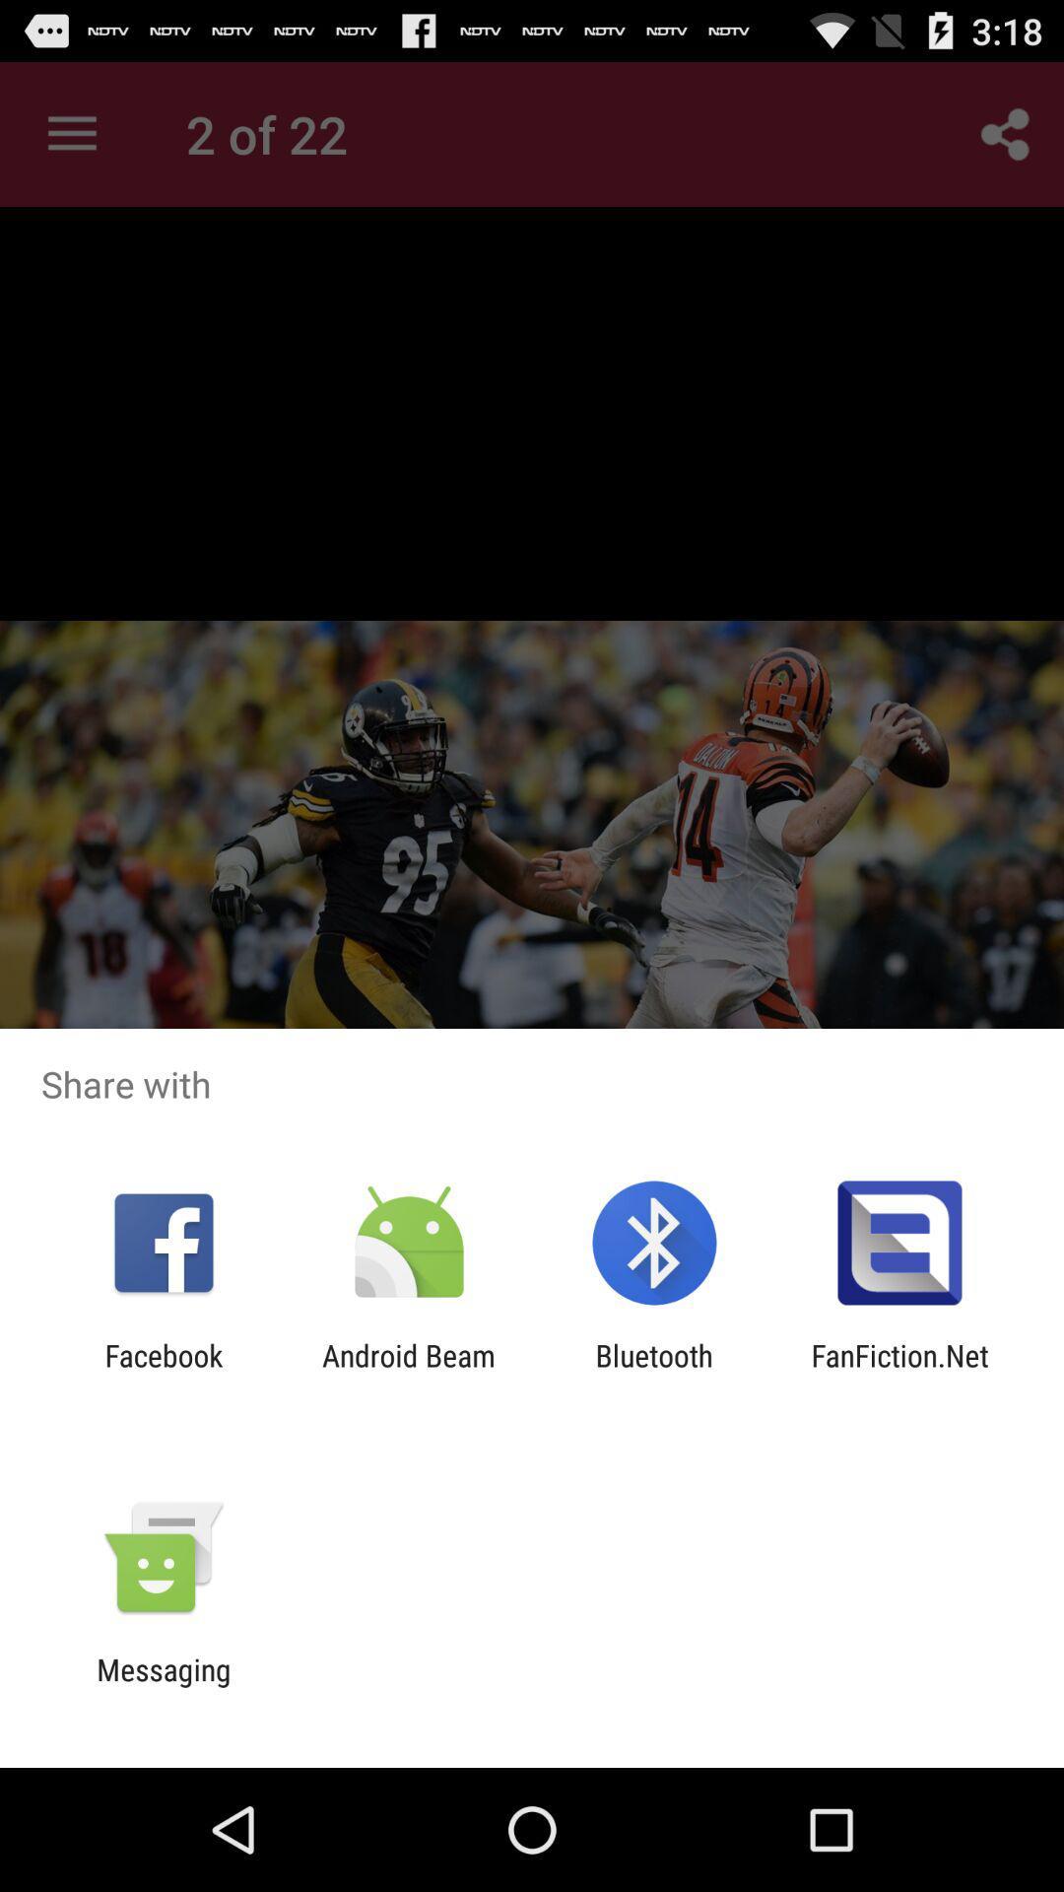 The height and width of the screenshot is (1892, 1064). Describe the element at coordinates (899, 1372) in the screenshot. I see `item to the right of the bluetooth app` at that location.